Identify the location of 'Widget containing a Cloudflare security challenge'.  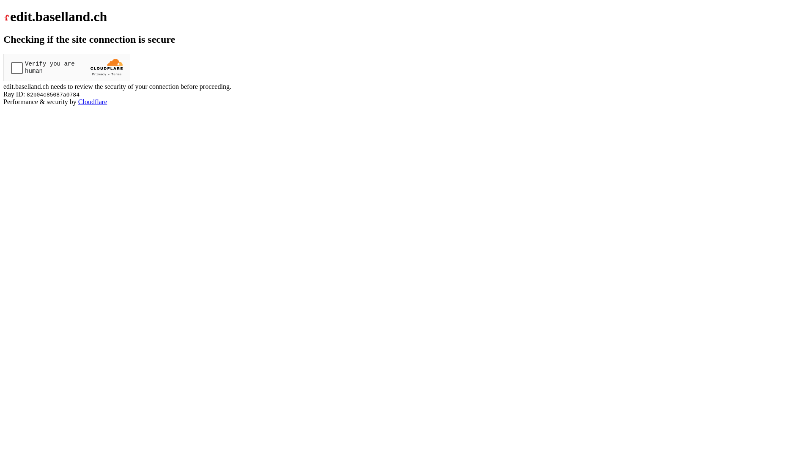
(66, 67).